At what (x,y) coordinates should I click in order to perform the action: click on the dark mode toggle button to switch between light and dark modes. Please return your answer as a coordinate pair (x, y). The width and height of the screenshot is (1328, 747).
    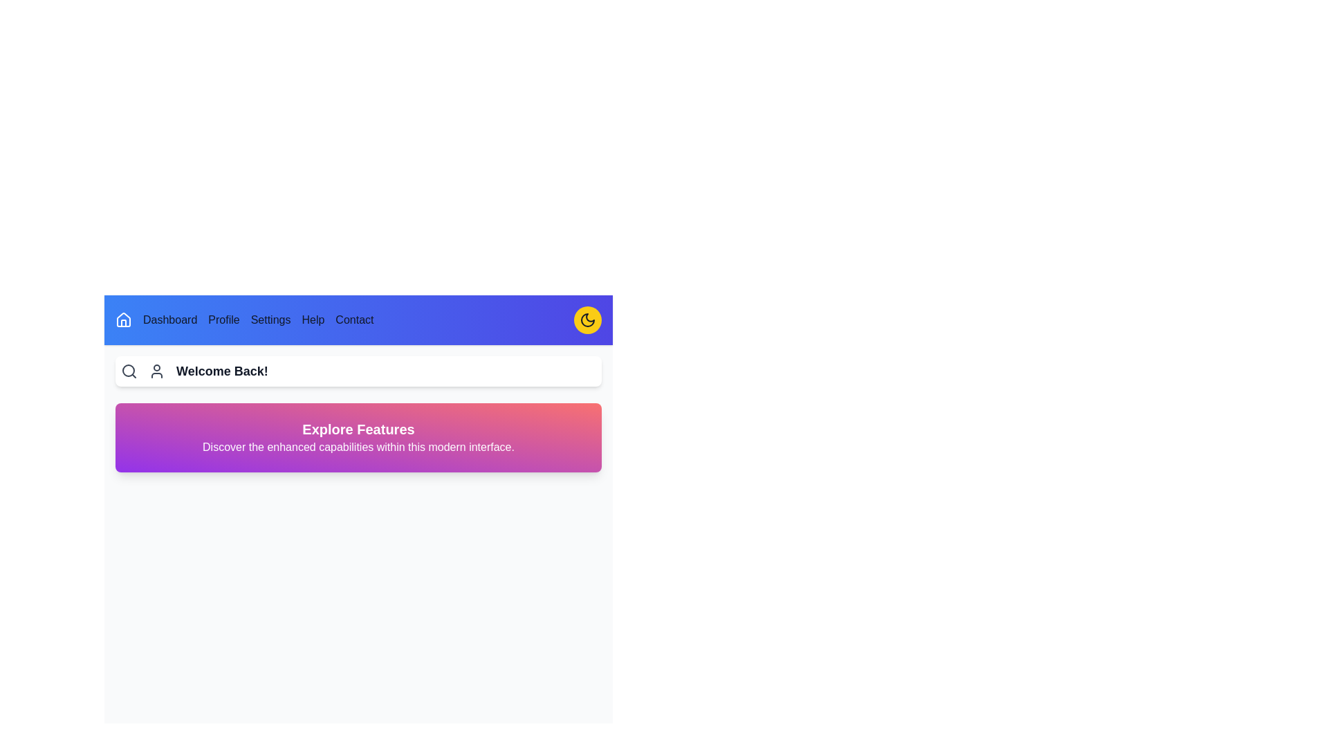
    Looking at the image, I should click on (587, 320).